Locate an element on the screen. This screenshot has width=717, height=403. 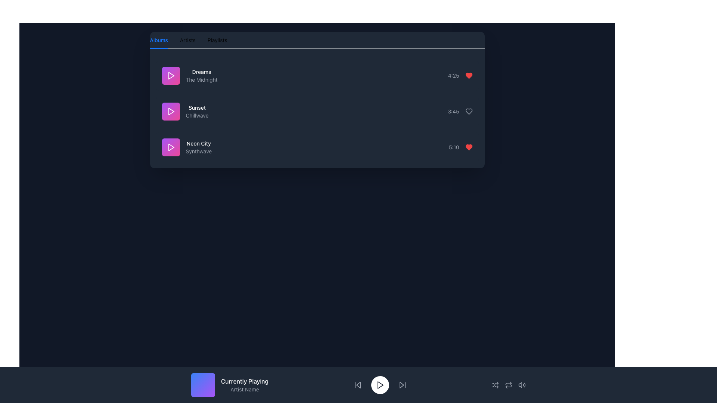
the forward-skip button icon, which is styled as a right-pointing triangle with a vertical bar, located at the far right of the central control section in the media player interface is located at coordinates (402, 385).